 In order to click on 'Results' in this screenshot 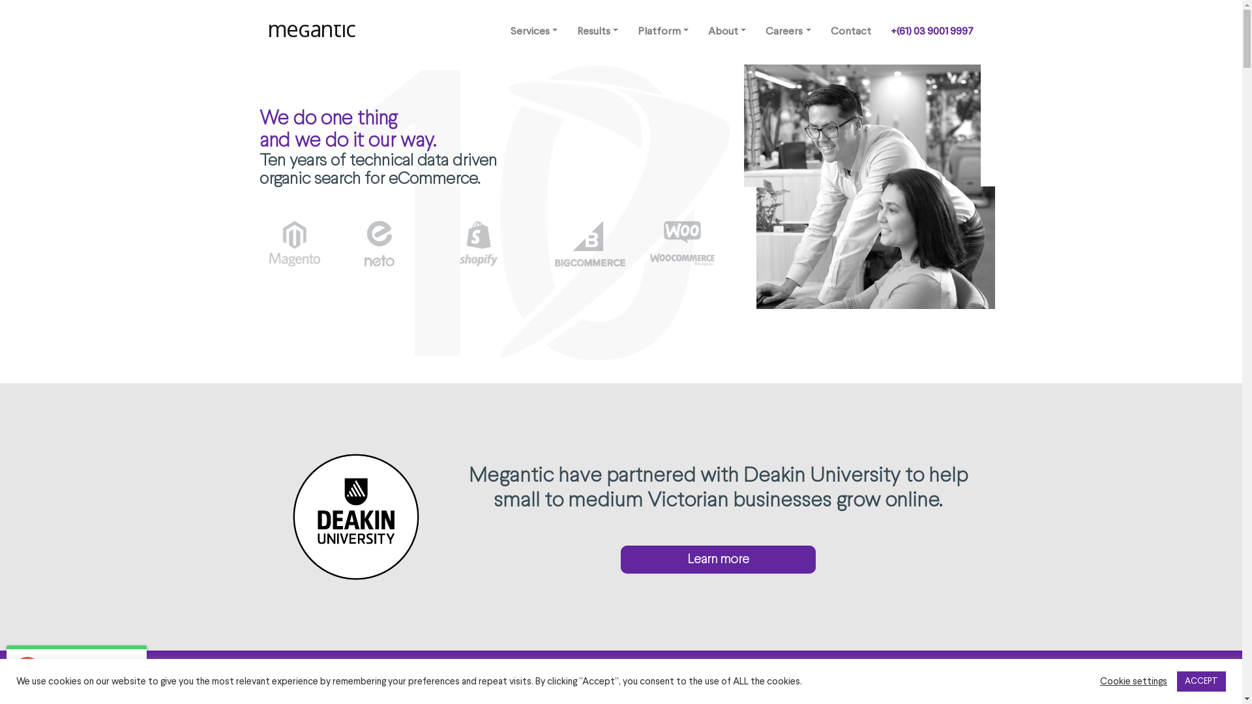, I will do `click(597, 31)`.